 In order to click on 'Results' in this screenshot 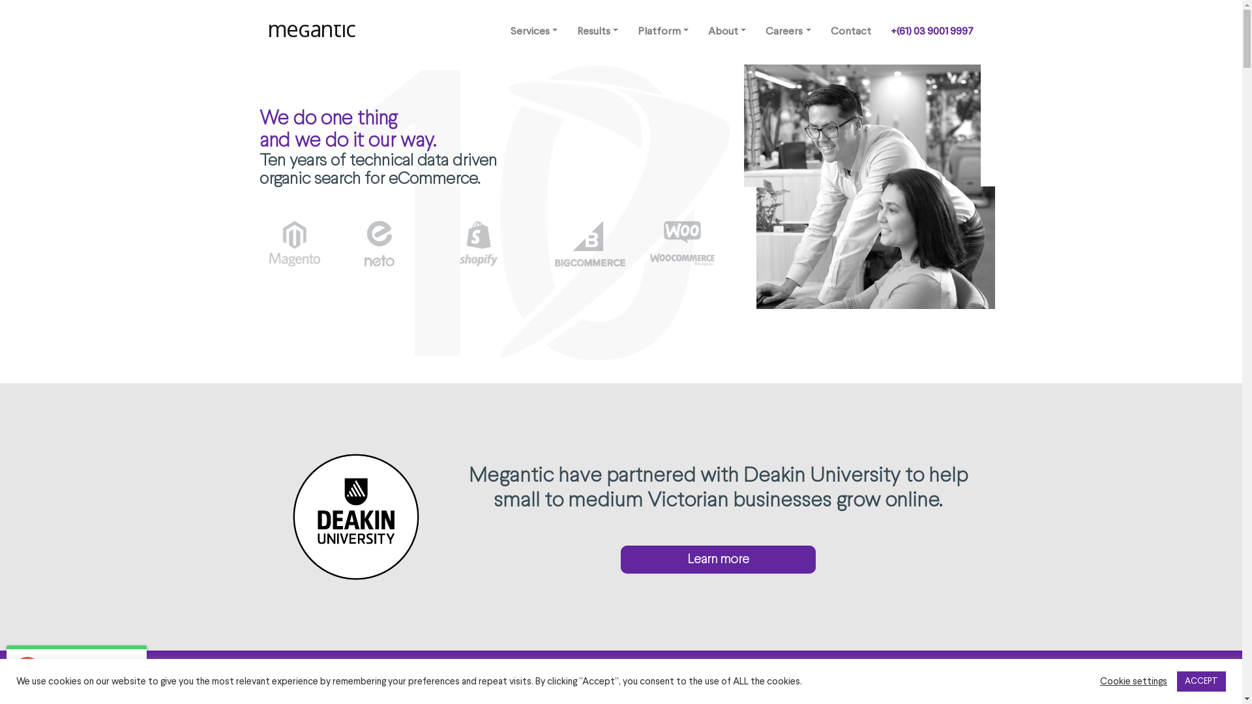, I will do `click(597, 31)`.